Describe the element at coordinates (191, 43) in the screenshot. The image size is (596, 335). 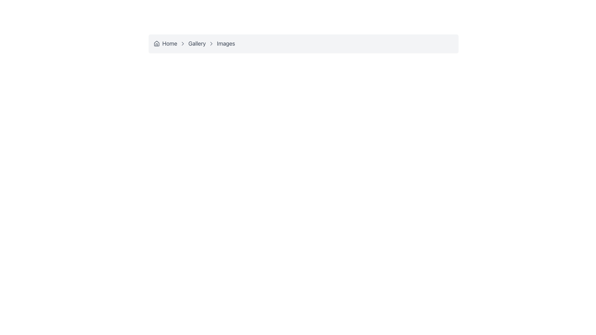
I see `the Breadcrumb navigation link` at that location.